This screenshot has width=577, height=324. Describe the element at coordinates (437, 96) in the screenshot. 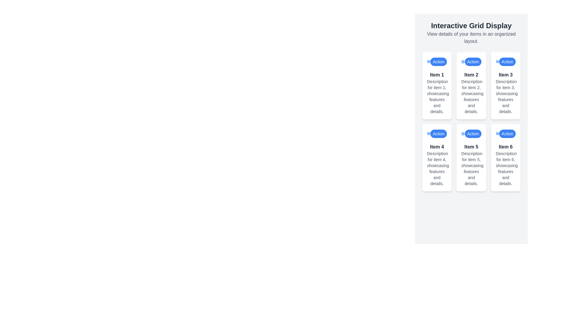

I see `the descriptive text block displaying 'Description for item 1, showcasing features and details.' located beneath the heading 'Item 1' in the first card of the grid layout` at that location.